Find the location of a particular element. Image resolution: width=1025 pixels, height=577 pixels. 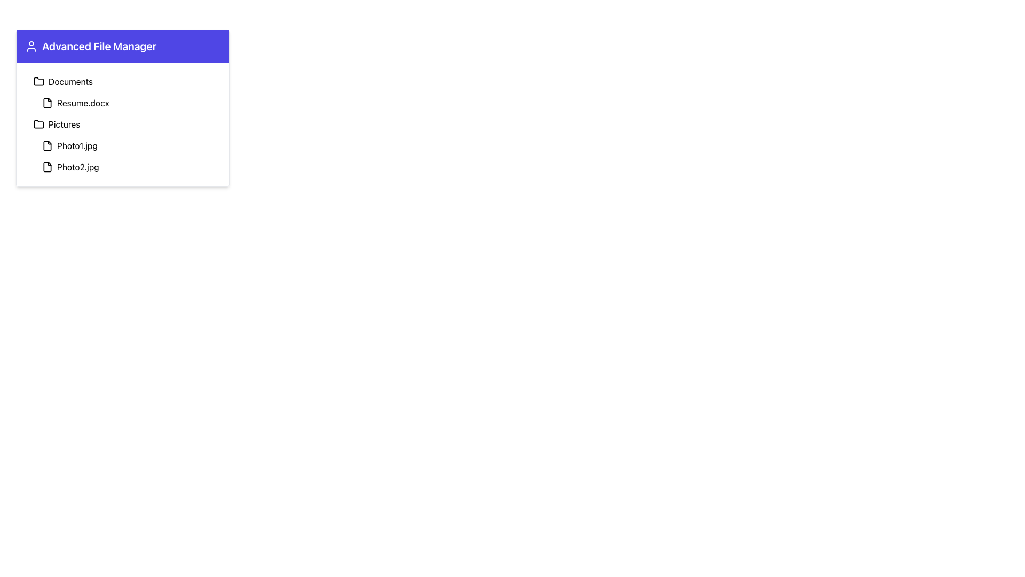

the file icon representing 'Resume.docx' for accessibility within the Advanced File Manager interface is located at coordinates (47, 103).